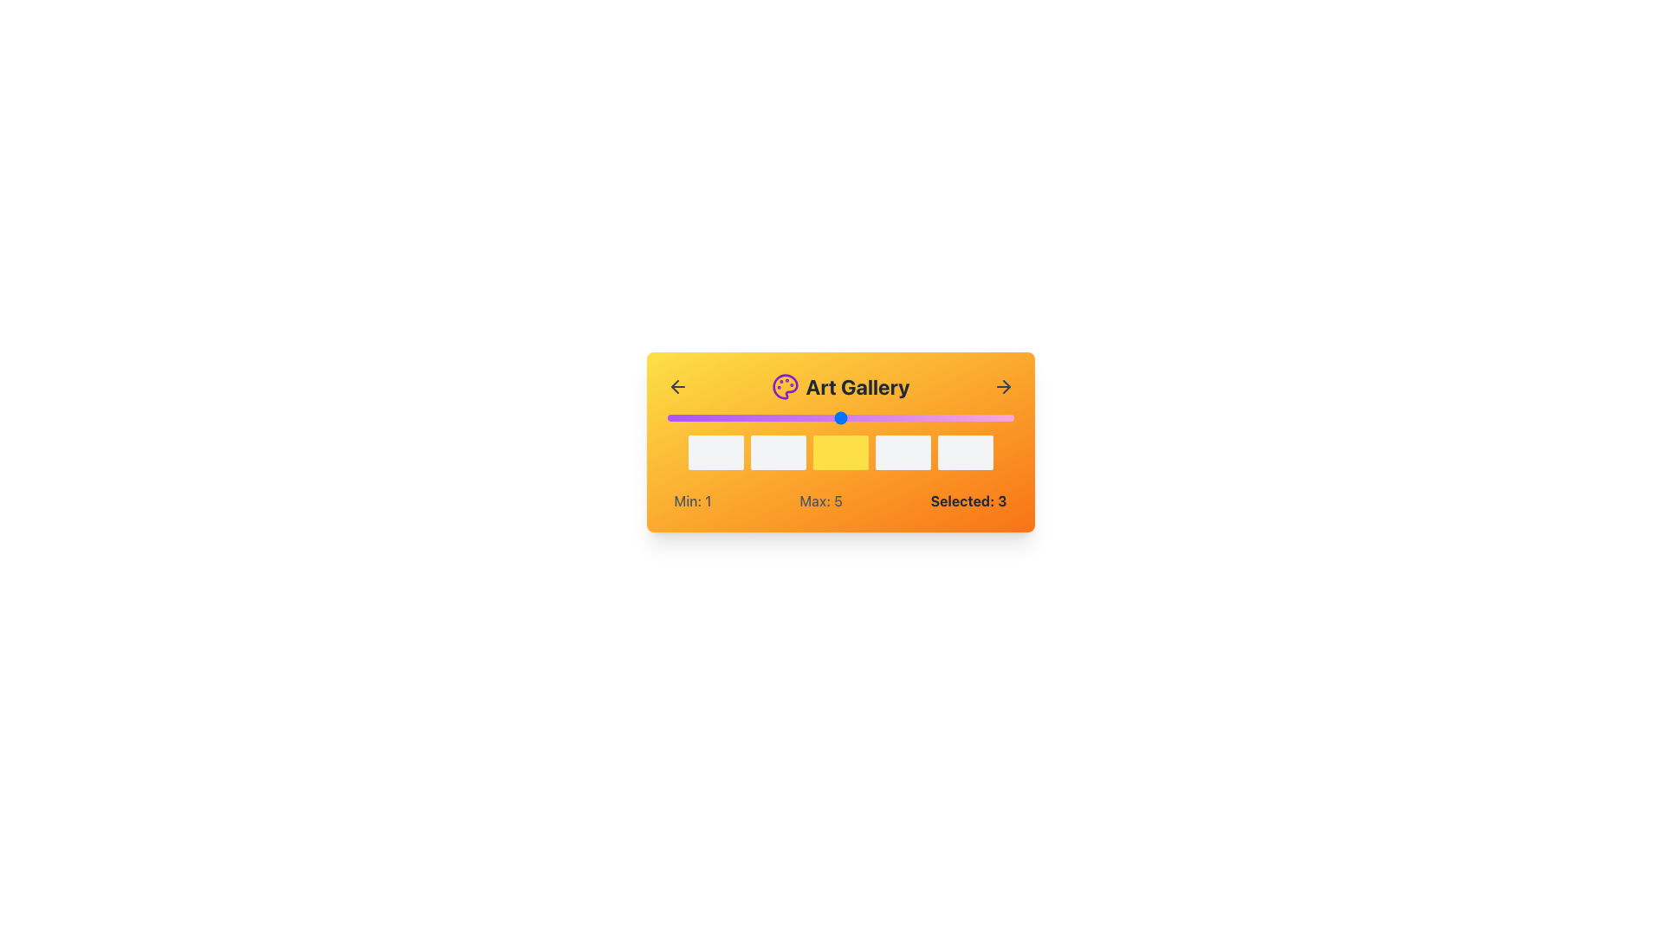 The height and width of the screenshot is (935, 1663). I want to click on the 'Art Gallery' title displayed in a bold, large font, centrally positioned in the toolbar with a painter's palette icon on the left, so click(840, 386).